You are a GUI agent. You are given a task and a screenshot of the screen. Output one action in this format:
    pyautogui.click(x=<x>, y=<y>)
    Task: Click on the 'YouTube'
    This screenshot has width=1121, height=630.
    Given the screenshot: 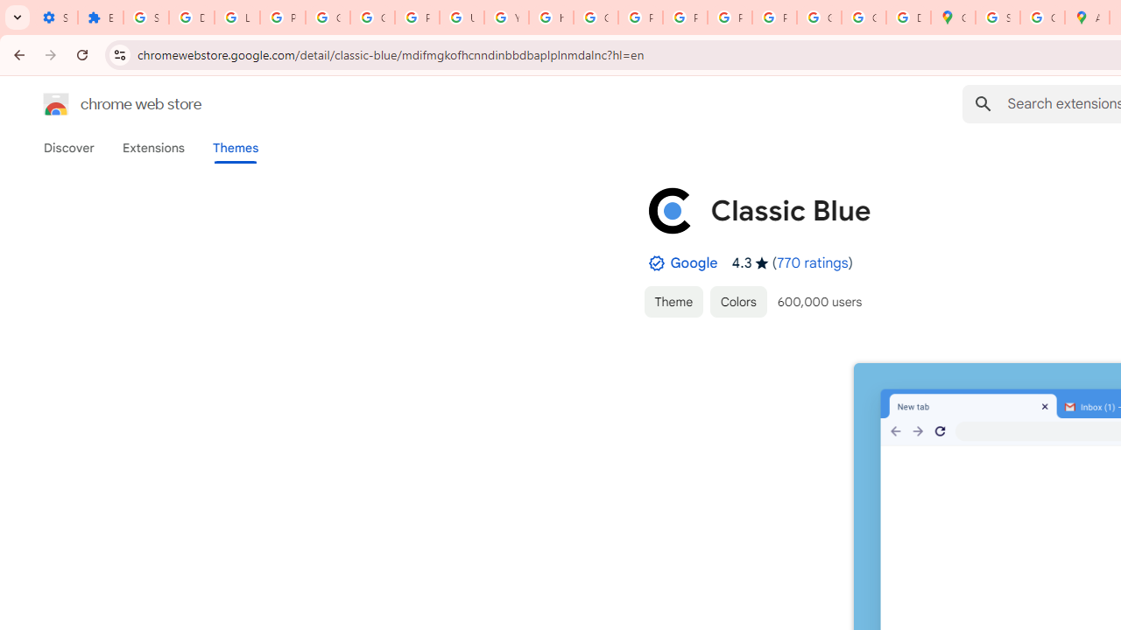 What is the action you would take?
    pyautogui.click(x=505, y=17)
    